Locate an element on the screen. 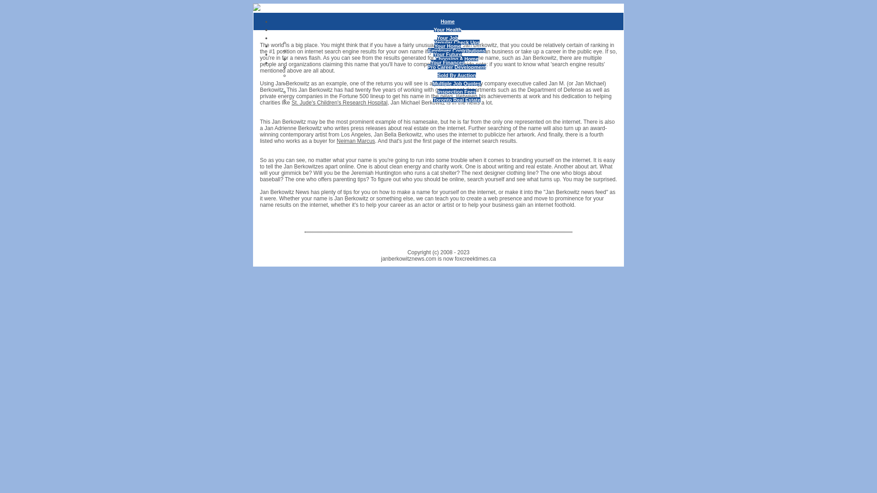  'Your Home' is located at coordinates (447, 46).